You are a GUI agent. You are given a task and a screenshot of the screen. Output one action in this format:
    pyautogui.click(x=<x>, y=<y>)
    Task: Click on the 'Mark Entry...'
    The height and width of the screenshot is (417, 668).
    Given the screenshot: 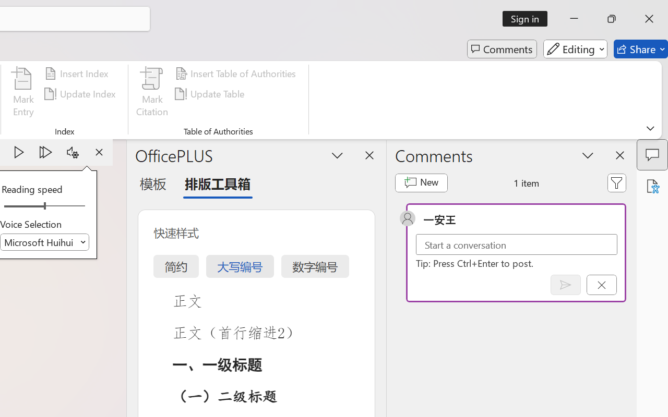 What is the action you would take?
    pyautogui.click(x=23, y=93)
    